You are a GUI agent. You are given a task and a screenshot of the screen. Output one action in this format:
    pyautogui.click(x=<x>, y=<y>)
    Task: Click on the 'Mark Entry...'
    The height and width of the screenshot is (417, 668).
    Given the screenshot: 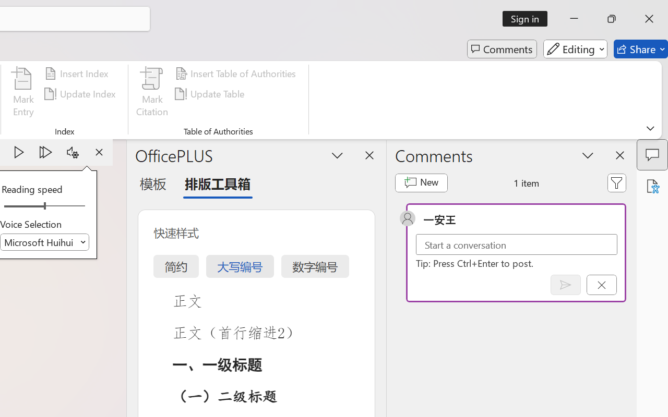 What is the action you would take?
    pyautogui.click(x=23, y=93)
    